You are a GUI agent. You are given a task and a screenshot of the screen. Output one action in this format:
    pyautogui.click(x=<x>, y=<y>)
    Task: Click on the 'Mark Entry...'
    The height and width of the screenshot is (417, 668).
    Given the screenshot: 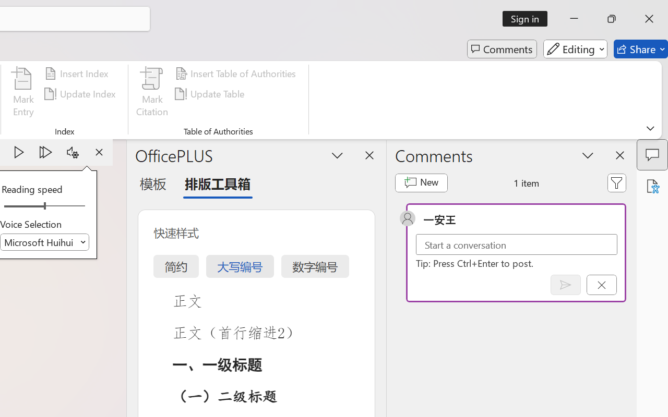 What is the action you would take?
    pyautogui.click(x=23, y=93)
    